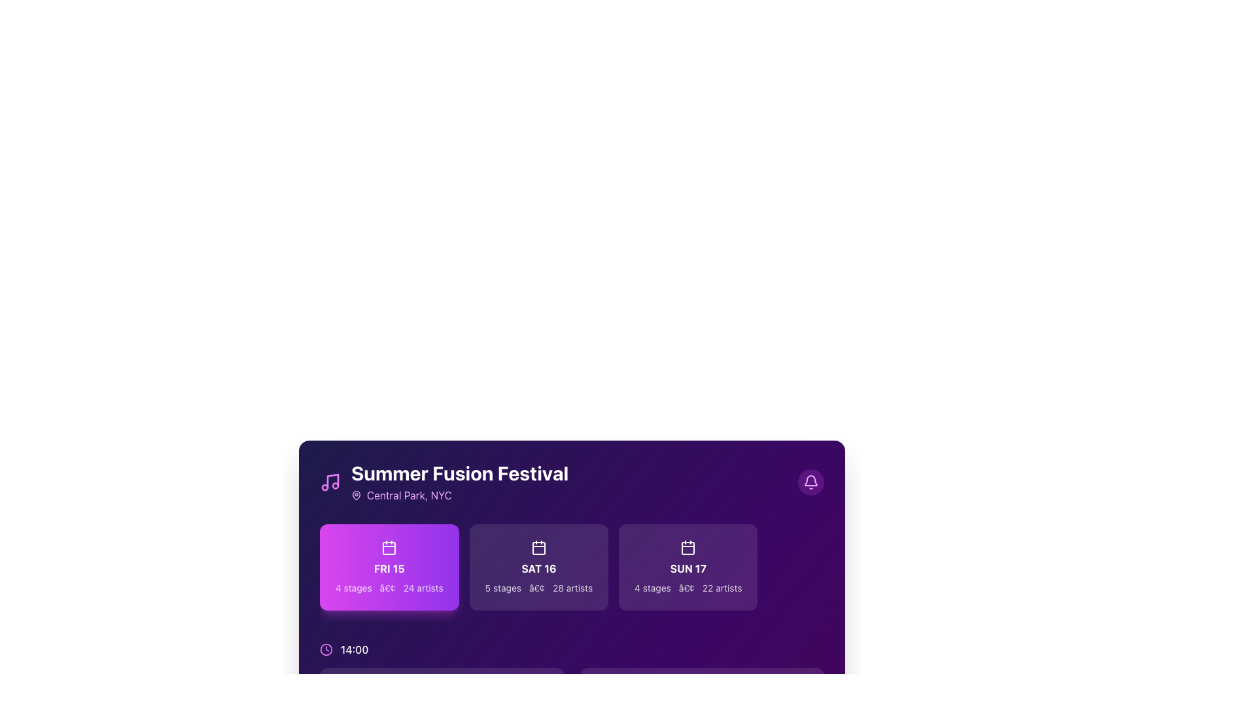 This screenshot has width=1256, height=706. What do you see at coordinates (330, 482) in the screenshot?
I see `the vibrant pink music note icon located at the top-left corner of the card, adjacent to the heading 'Summer Fusion Festival'` at bounding box center [330, 482].